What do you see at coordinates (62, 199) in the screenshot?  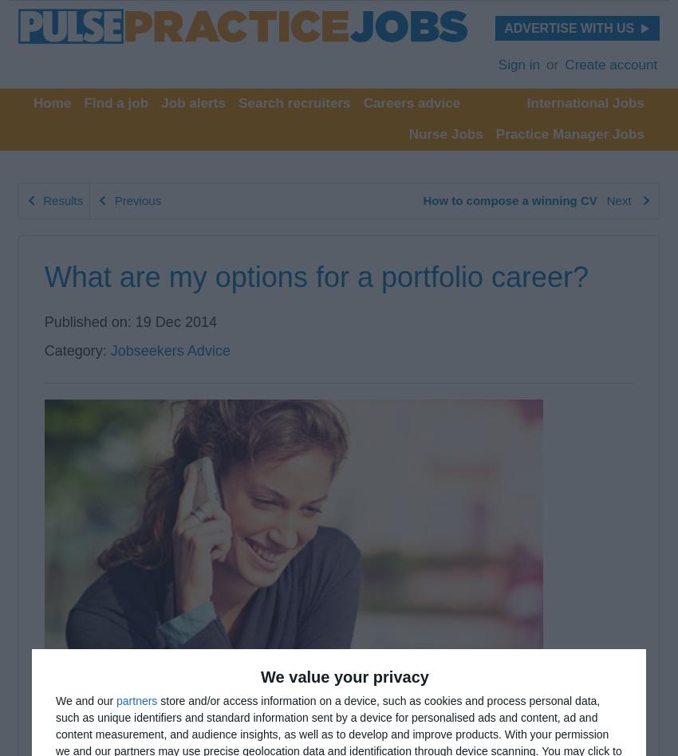 I see `'Results'` at bounding box center [62, 199].